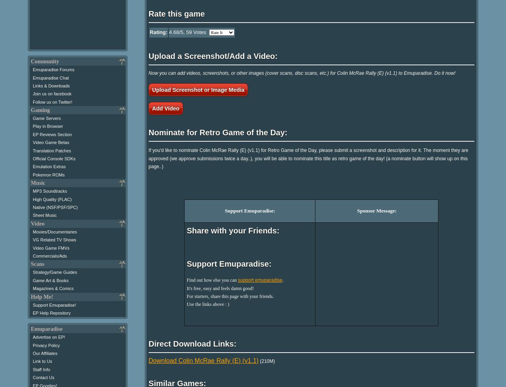 This screenshot has width=506, height=387. Describe the element at coordinates (51, 133) in the screenshot. I see `'EP Reviews Section'` at that location.